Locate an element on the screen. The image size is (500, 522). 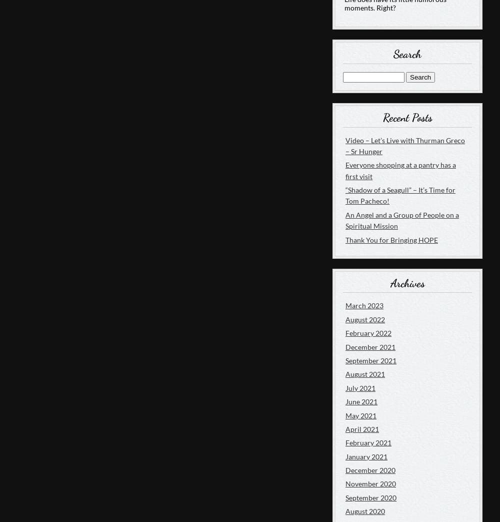
'Everyone shopping at a pantry has a first visit' is located at coordinates (400, 170).